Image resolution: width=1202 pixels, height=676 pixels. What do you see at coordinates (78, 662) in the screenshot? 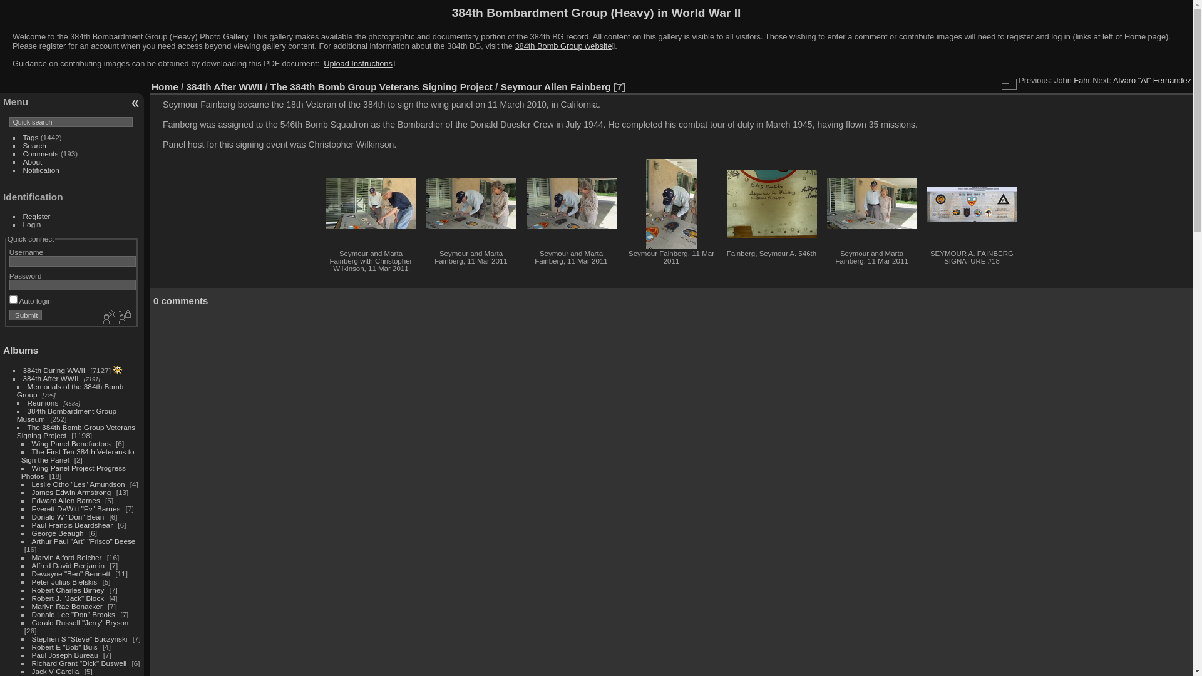
I see `'Richard Grant "Dick" Buswell'` at bounding box center [78, 662].